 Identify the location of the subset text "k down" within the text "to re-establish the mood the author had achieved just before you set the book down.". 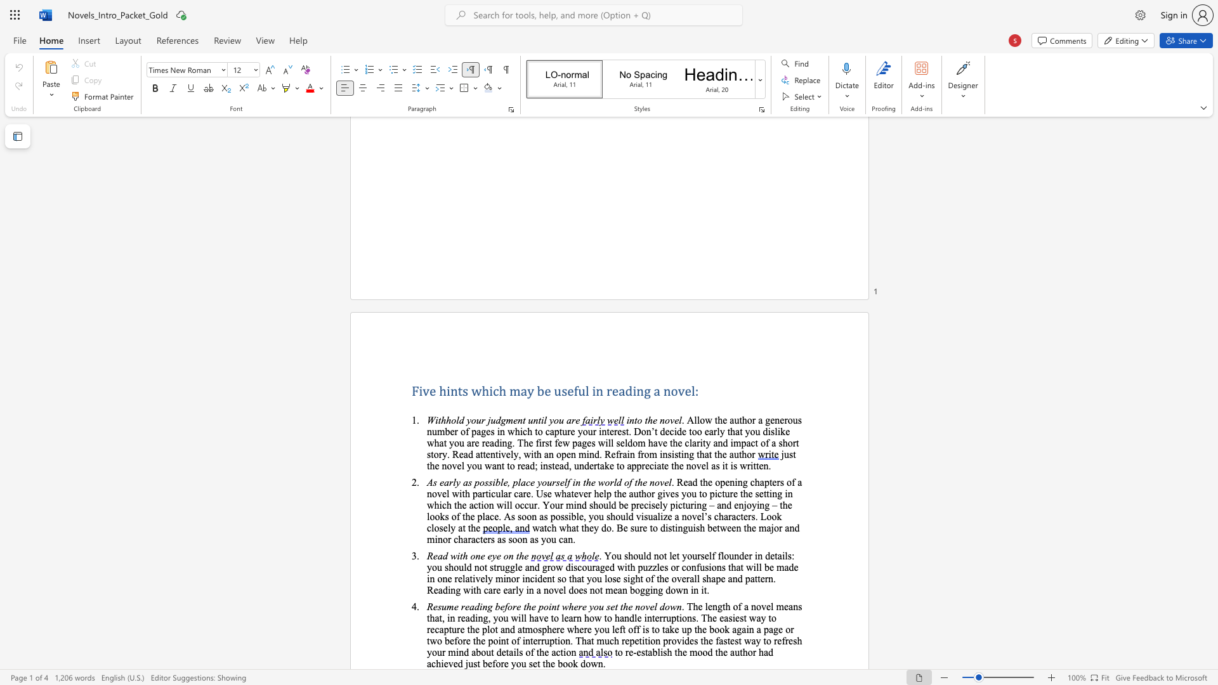
(572, 663).